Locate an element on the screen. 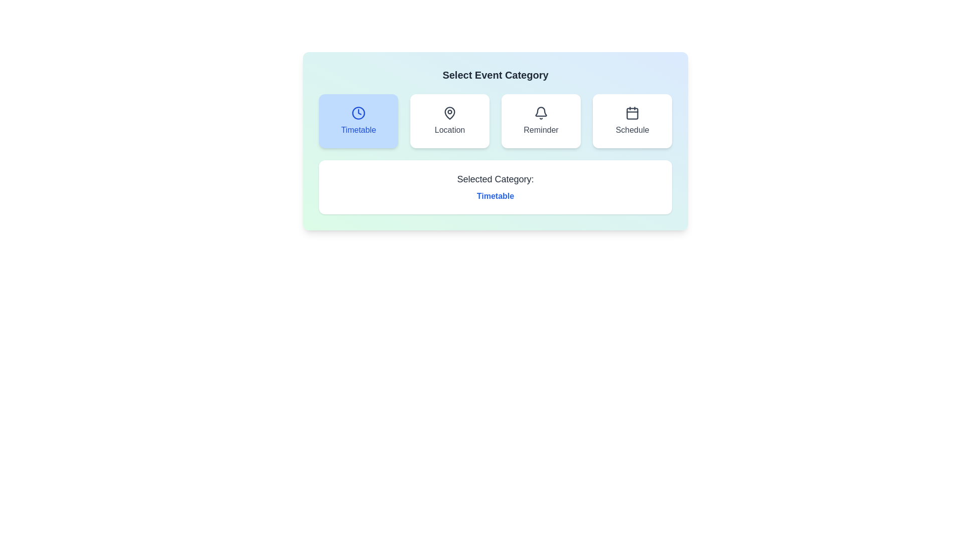 This screenshot has height=541, width=963. the text 'Timetable' in the 'Selected Category' section to interact with the displayed information is located at coordinates (496, 196).